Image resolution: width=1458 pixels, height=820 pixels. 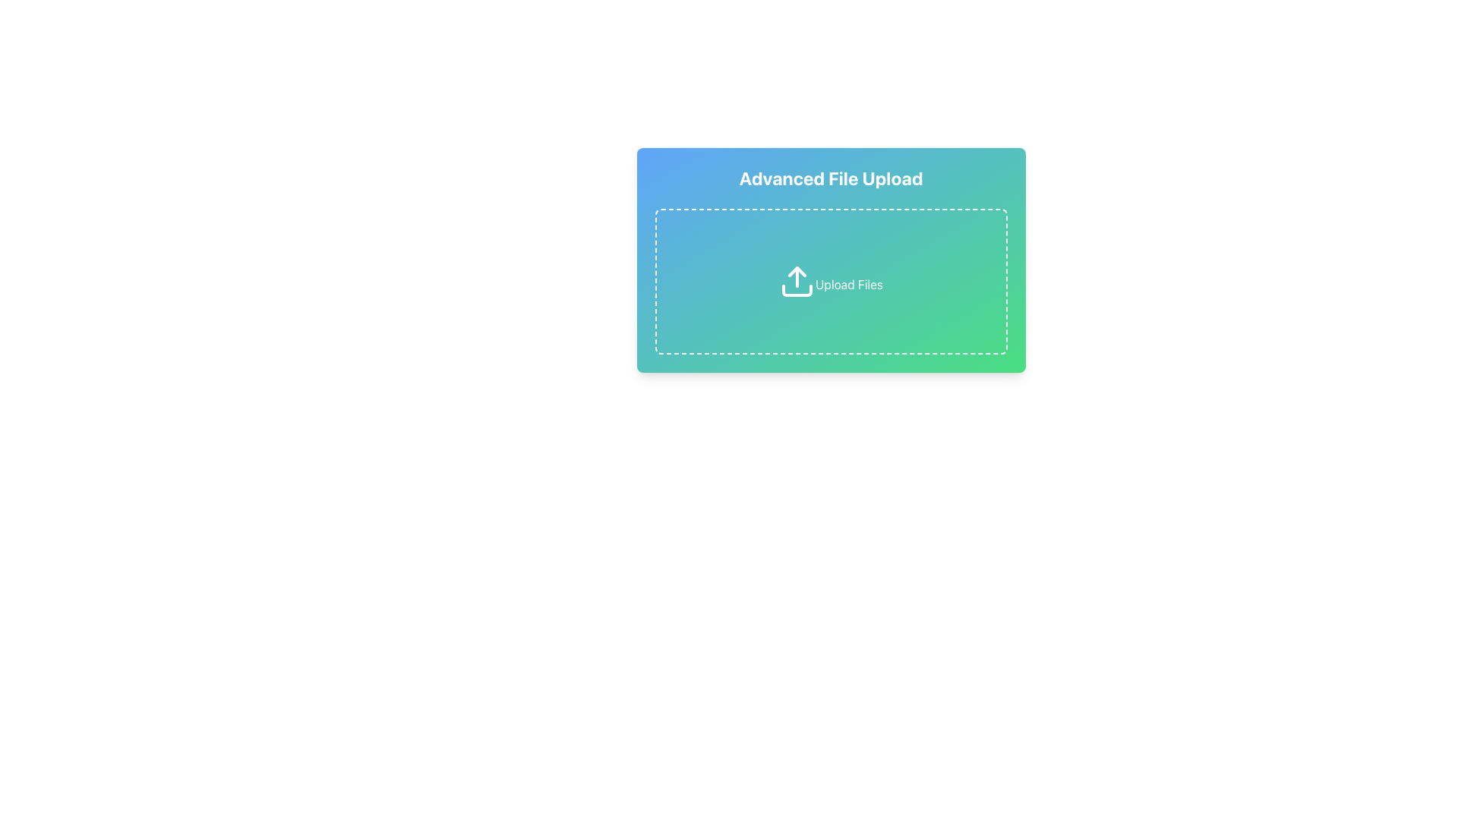 What do you see at coordinates (848, 284) in the screenshot?
I see `the text label 'Upload Files' which is styled in white color and positioned below an upload icon within a dashed border box in a green-blue gradient background` at bounding box center [848, 284].